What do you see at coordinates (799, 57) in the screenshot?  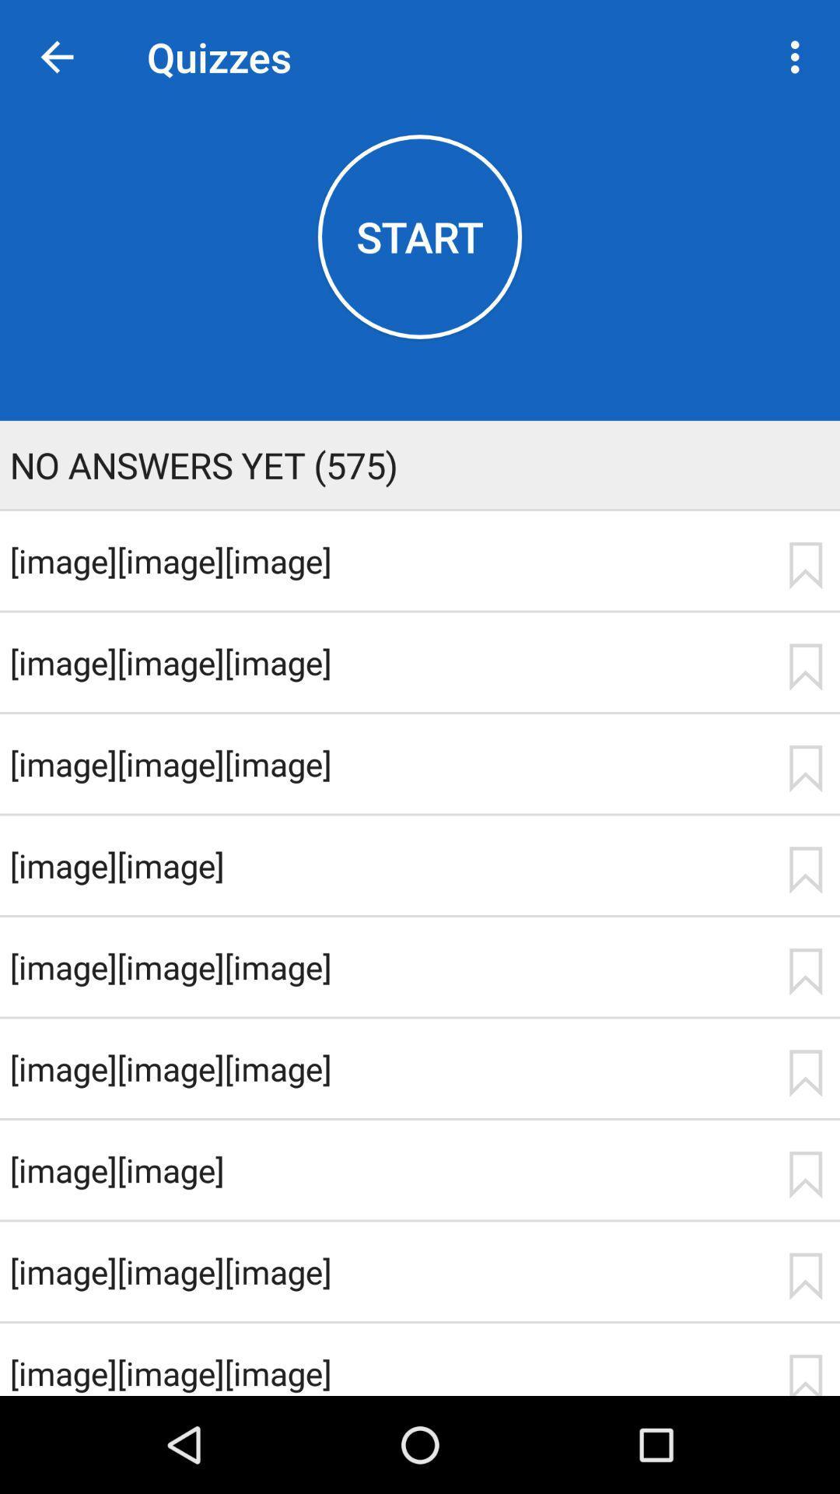 I see `icon at the top right corner` at bounding box center [799, 57].